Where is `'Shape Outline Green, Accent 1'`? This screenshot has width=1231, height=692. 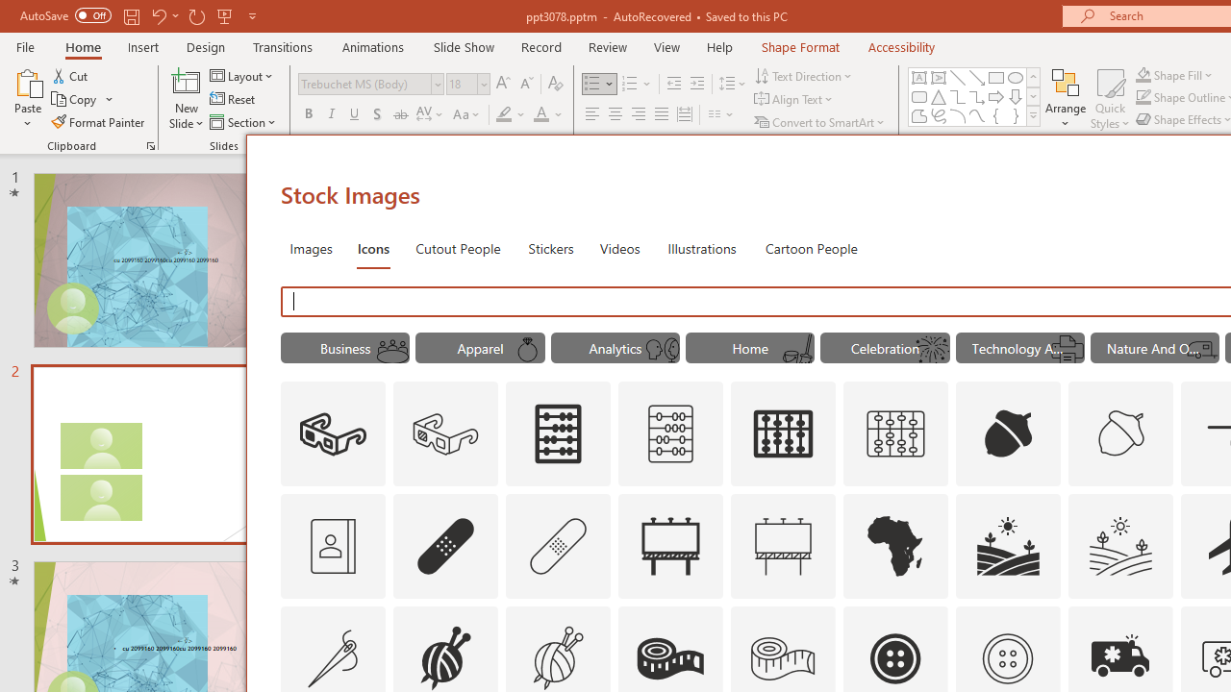 'Shape Outline Green, Accent 1' is located at coordinates (1143, 97).